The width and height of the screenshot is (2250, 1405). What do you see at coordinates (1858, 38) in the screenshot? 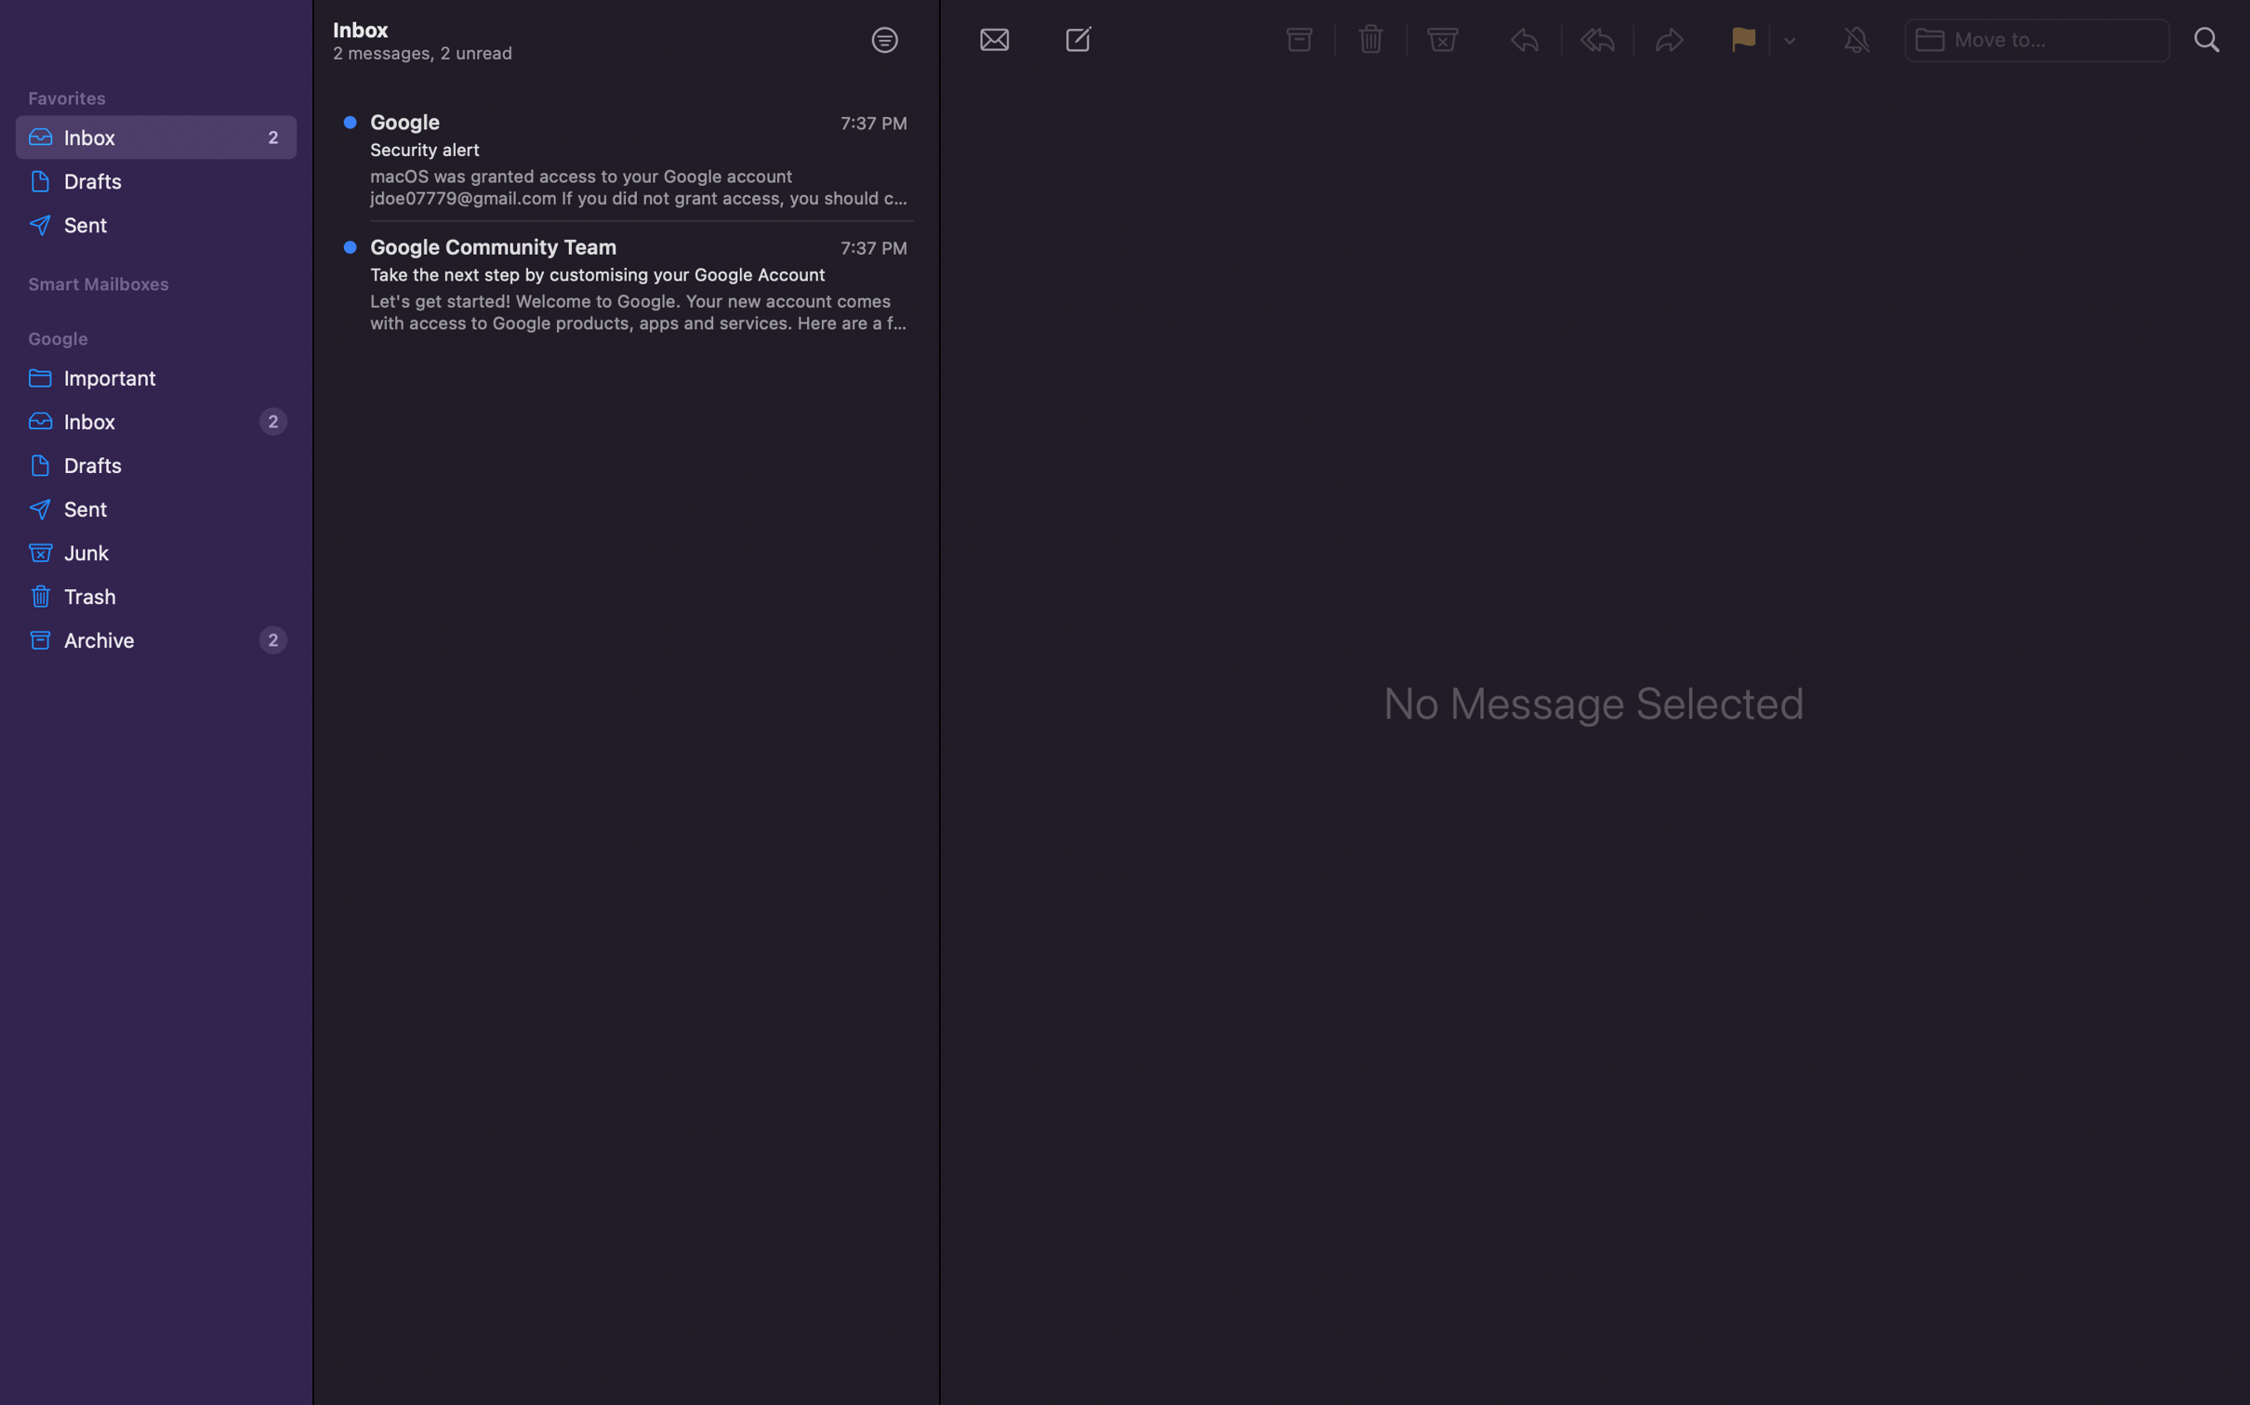
I see `Mute the conversation` at bounding box center [1858, 38].